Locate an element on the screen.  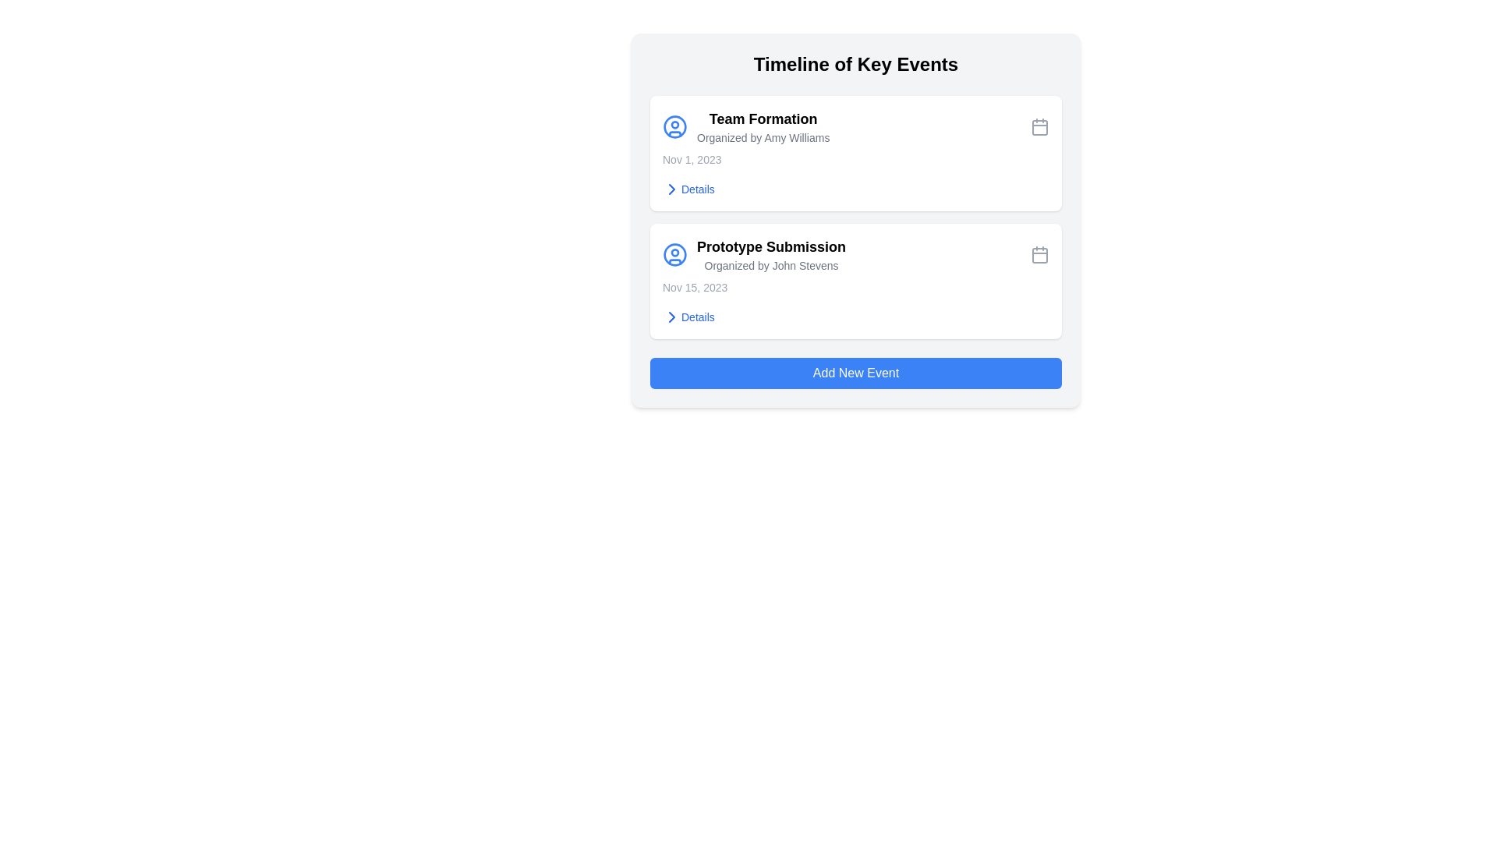
the text label providing contextual information about the organizer of the event, located directly below the title 'Prototype Submission' in the second event card on the timeline interface is located at coordinates (771, 264).